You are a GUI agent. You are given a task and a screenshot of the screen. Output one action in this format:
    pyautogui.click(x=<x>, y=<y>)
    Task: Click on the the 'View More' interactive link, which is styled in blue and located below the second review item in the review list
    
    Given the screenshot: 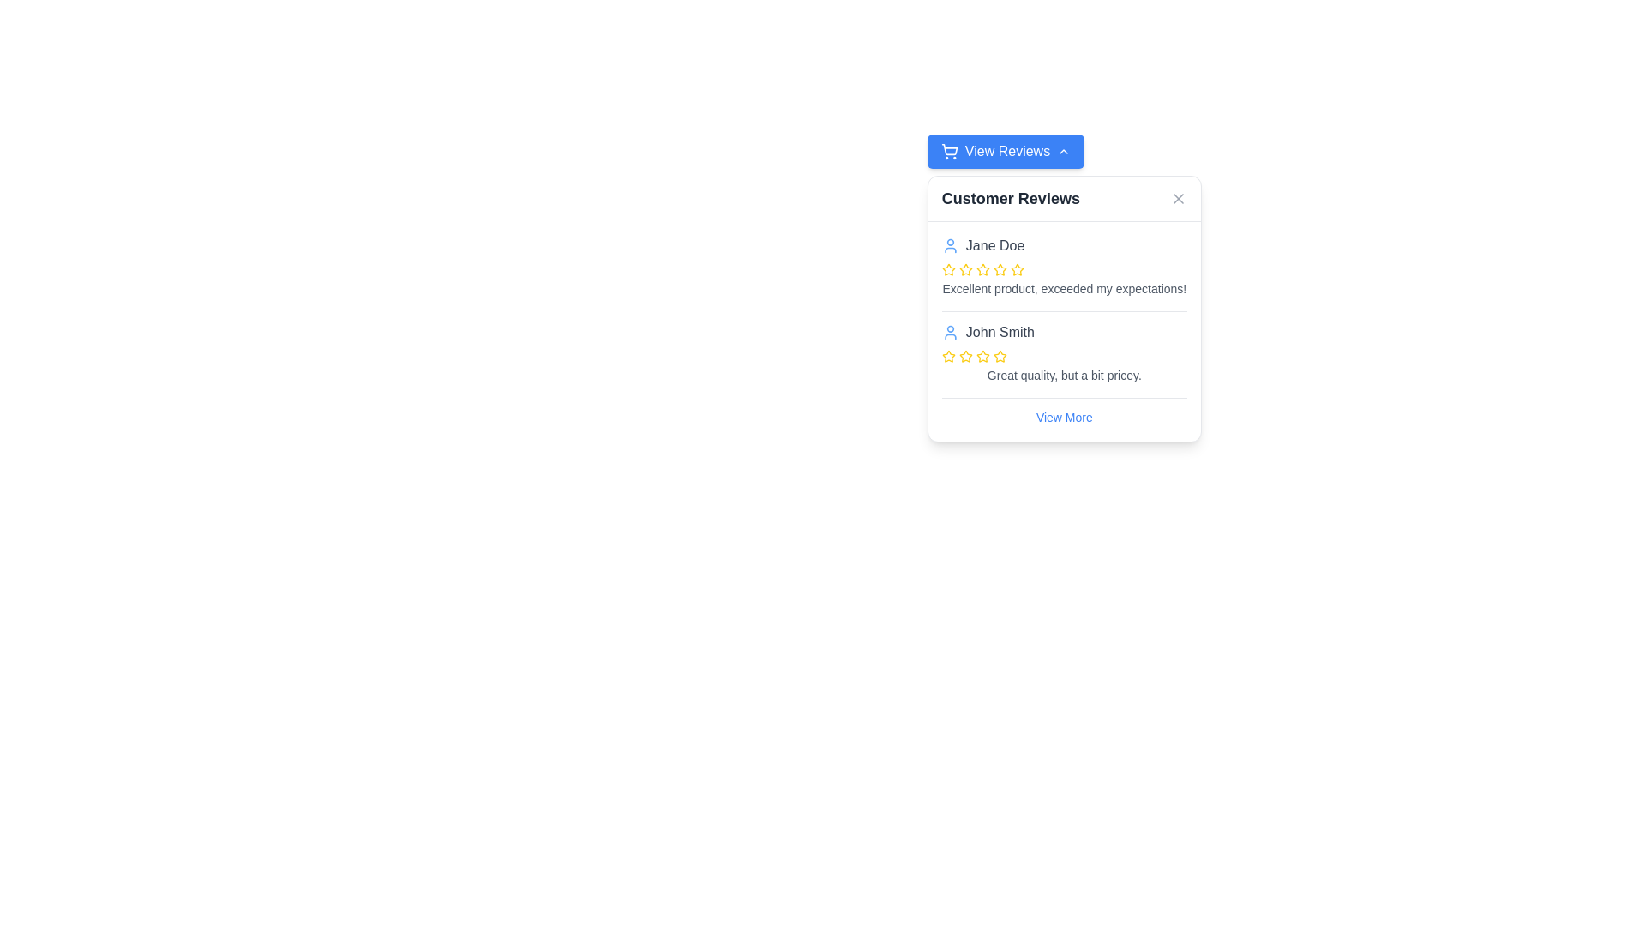 What is the action you would take?
    pyautogui.click(x=1063, y=417)
    